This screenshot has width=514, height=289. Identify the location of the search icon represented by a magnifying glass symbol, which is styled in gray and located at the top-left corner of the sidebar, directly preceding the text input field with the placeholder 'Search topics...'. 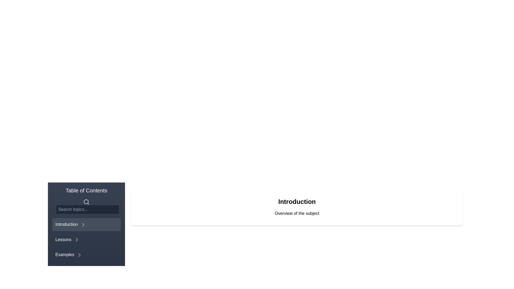
(86, 201).